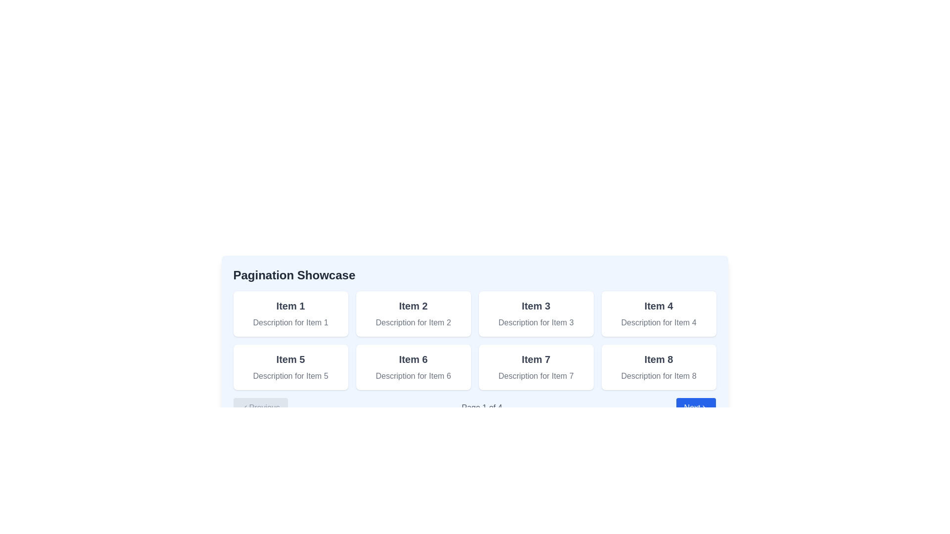 This screenshot has width=950, height=534. I want to click on text content of the header labeled 'Pagination Showcase', which is displayed in a bold, large-sized font at the upper portion of the layout, so click(293, 275).